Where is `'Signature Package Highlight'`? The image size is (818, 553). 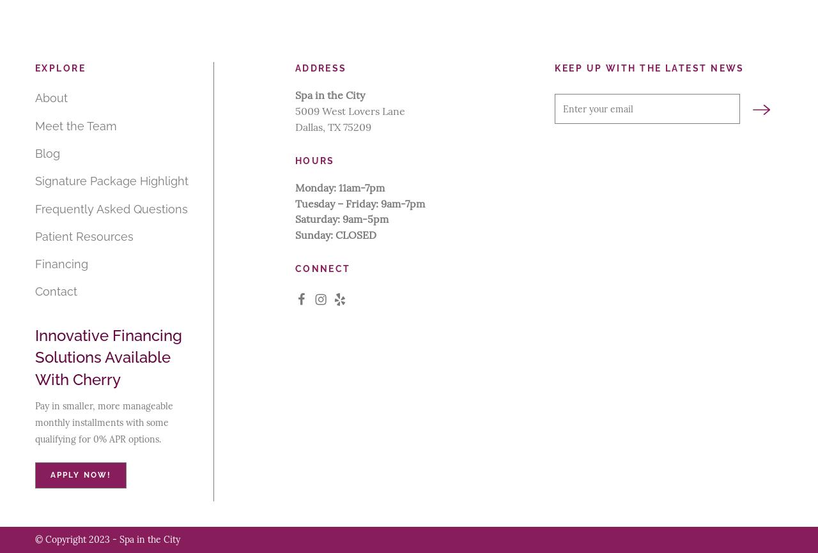
'Signature Package Highlight' is located at coordinates (111, 180).